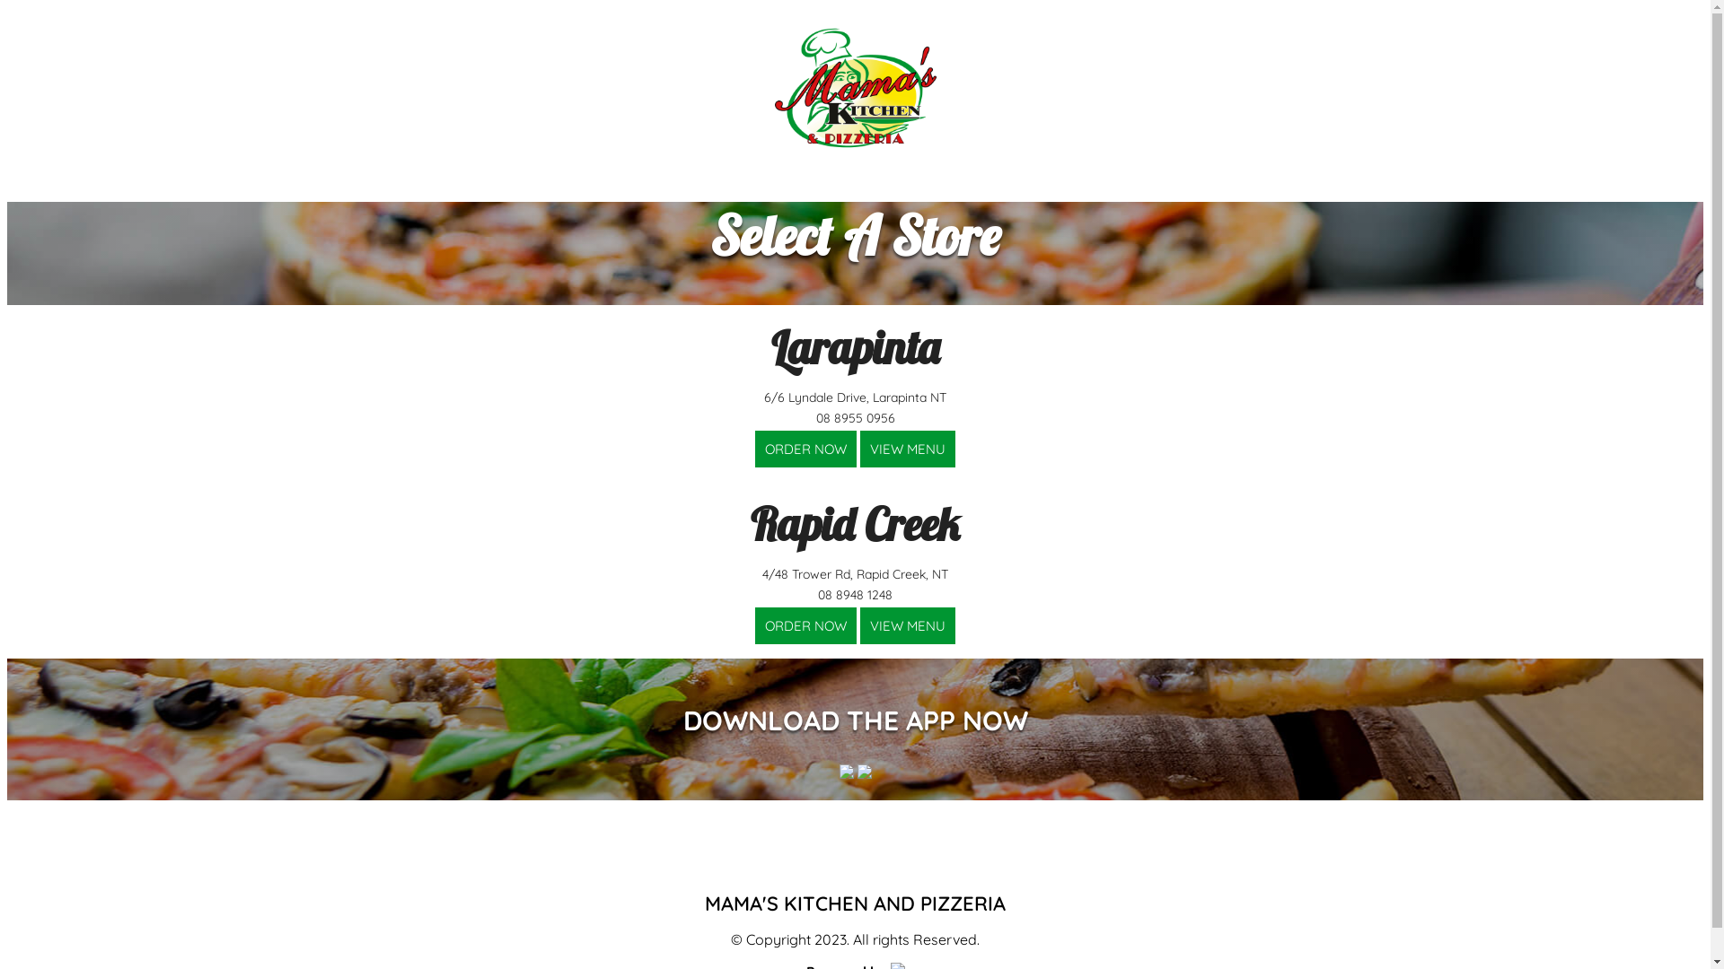  Describe the element at coordinates (859, 448) in the screenshot. I see `'VIEW MENU'` at that location.